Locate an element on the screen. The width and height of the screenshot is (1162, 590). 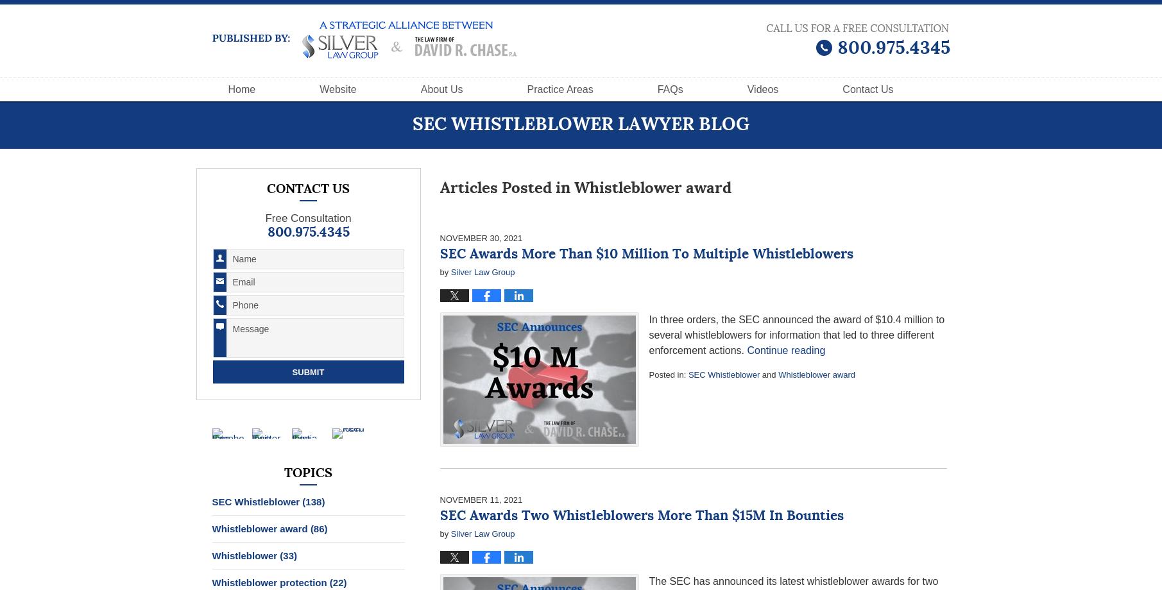
'SEC Awards Two Whistleblowers More Than $15M In Bounties' is located at coordinates (640, 516).